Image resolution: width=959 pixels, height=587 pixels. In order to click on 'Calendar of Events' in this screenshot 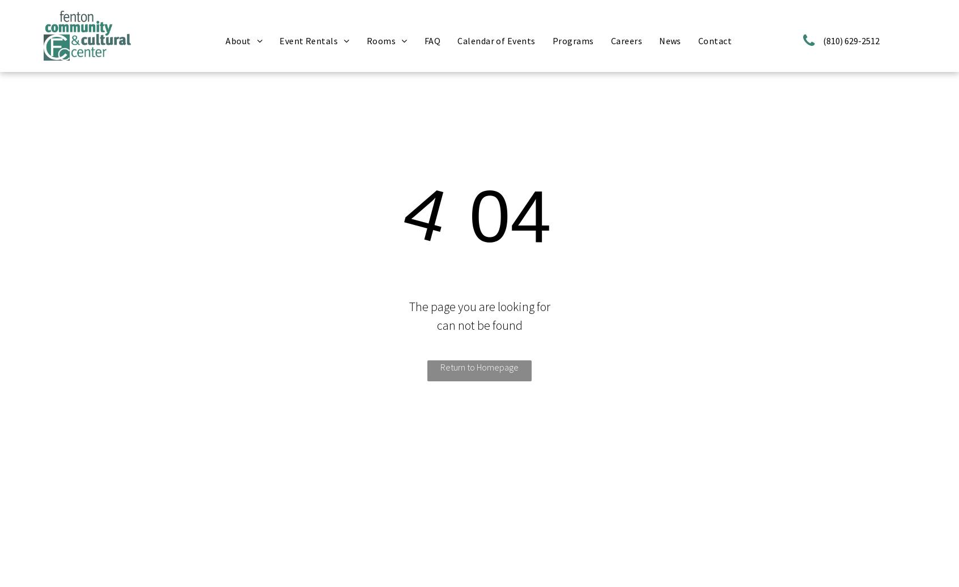, I will do `click(495, 40)`.